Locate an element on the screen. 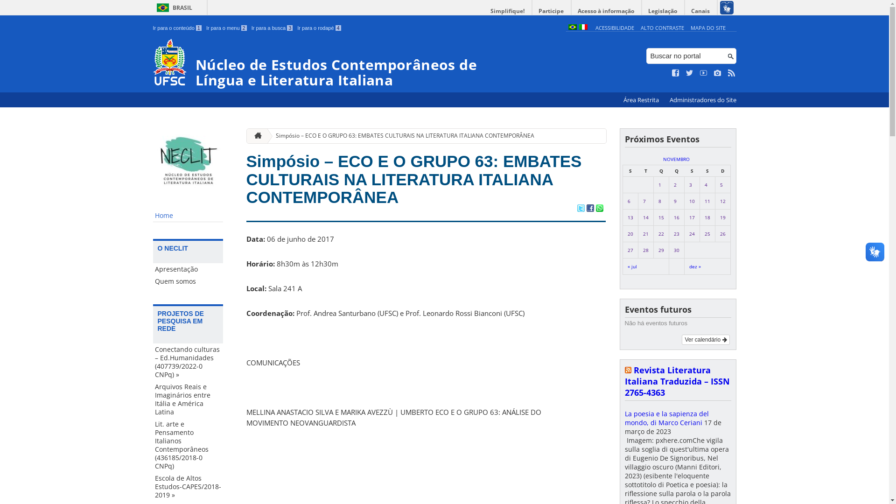  'ALTO CONTRASTE' is located at coordinates (662, 27).